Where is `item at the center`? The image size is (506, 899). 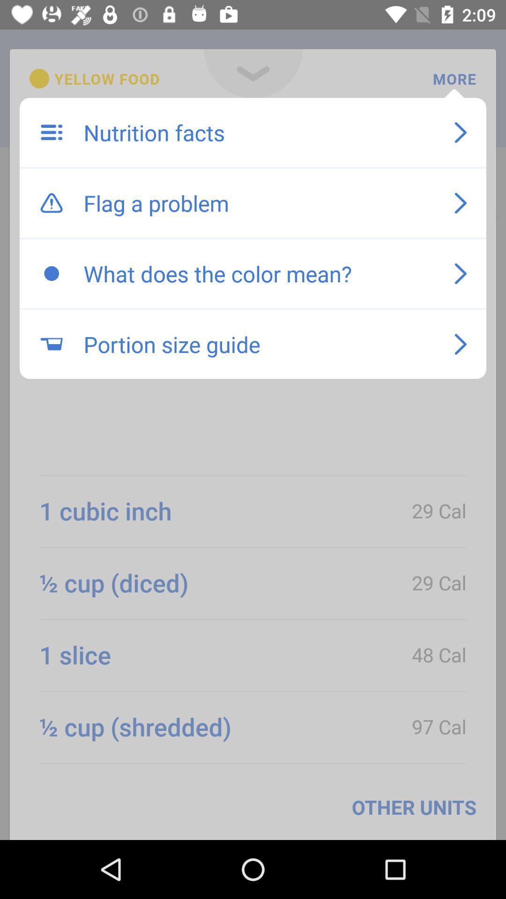
item at the center is located at coordinates (259, 344).